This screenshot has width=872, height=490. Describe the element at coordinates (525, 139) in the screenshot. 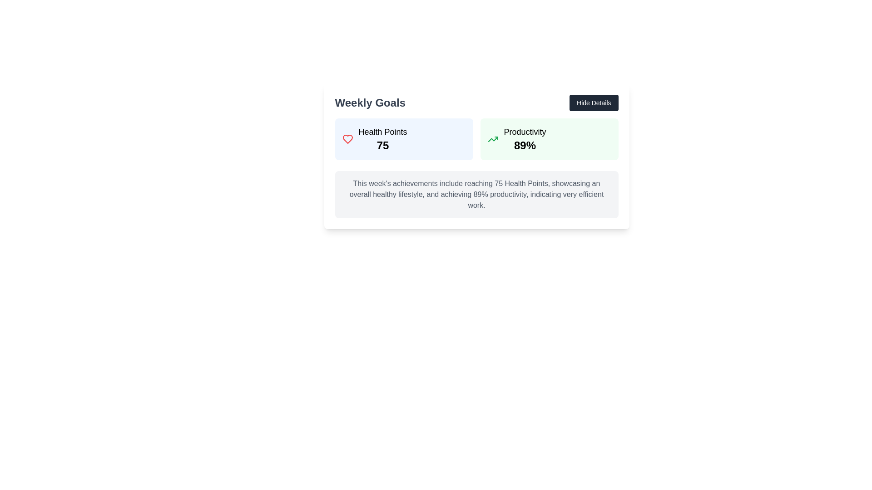

I see `the Text display that represents the productivity metric, currently showing 89%, located in the green-highlighted section next to the 'Health Points' card under the 'Weekly Goals' header` at that location.